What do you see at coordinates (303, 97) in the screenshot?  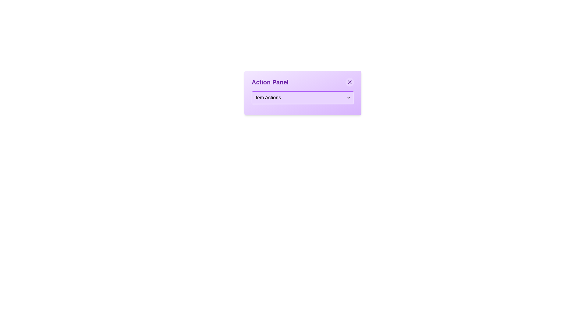 I see `the Dropdown trigger component located in the purple panel titled 'Action Panel'` at bounding box center [303, 97].